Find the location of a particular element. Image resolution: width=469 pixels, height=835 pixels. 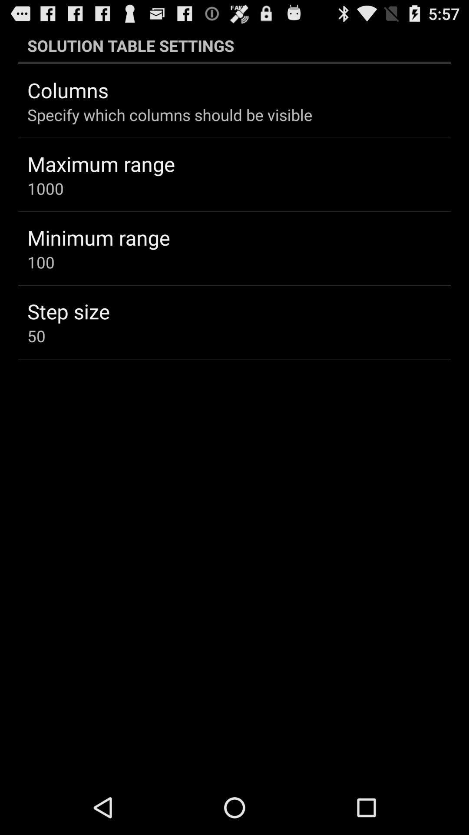

app above the columns icon is located at coordinates (234, 45).